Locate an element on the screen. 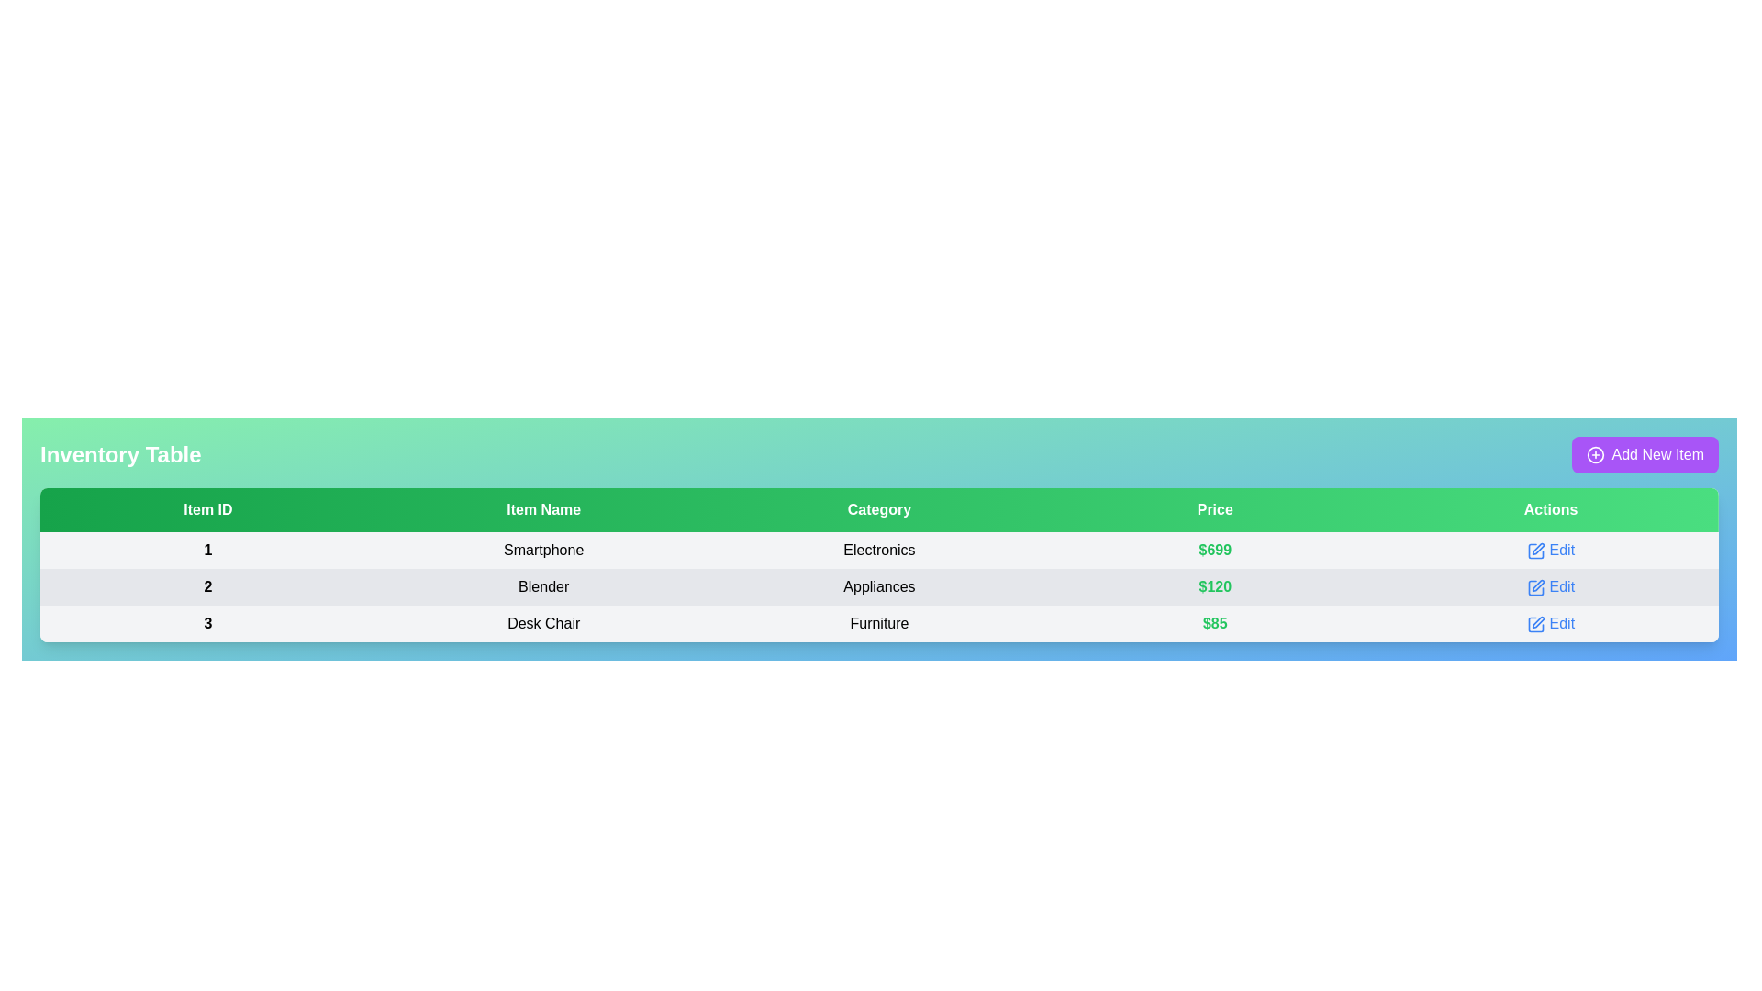 The height and width of the screenshot is (991, 1762). the 'Edit' SVG-based icon located in the 'Actions' column of the inventory table for the row corresponding to 'Blender' to interact with the edit functionality is located at coordinates (1536, 587).